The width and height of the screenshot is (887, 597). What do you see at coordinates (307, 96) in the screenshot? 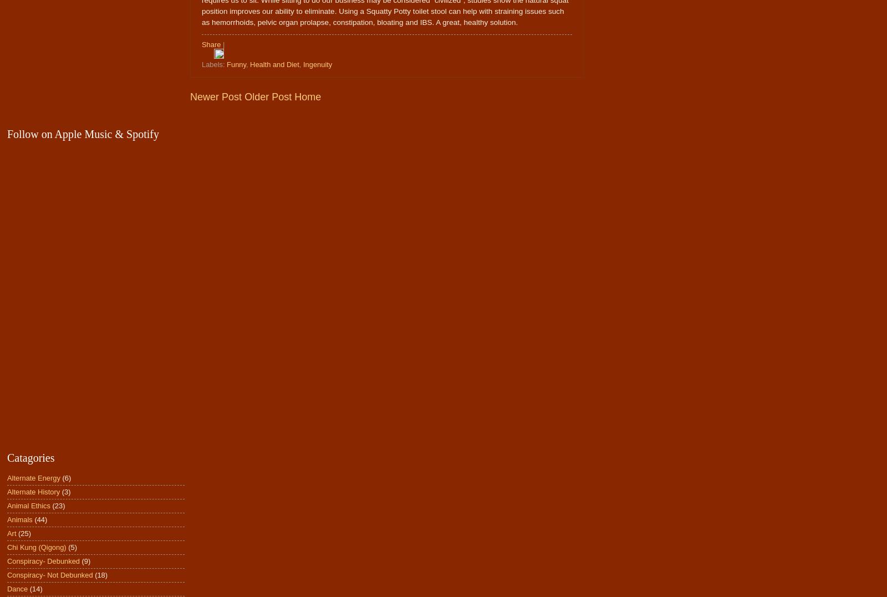
I see `'Home'` at bounding box center [307, 96].